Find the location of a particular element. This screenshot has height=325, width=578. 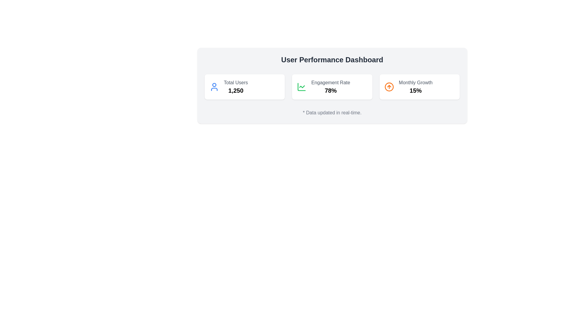

the Text label displaying '78%' in bold and large font within the 'Engagement Rate' section of the dashboard is located at coordinates (330, 90).